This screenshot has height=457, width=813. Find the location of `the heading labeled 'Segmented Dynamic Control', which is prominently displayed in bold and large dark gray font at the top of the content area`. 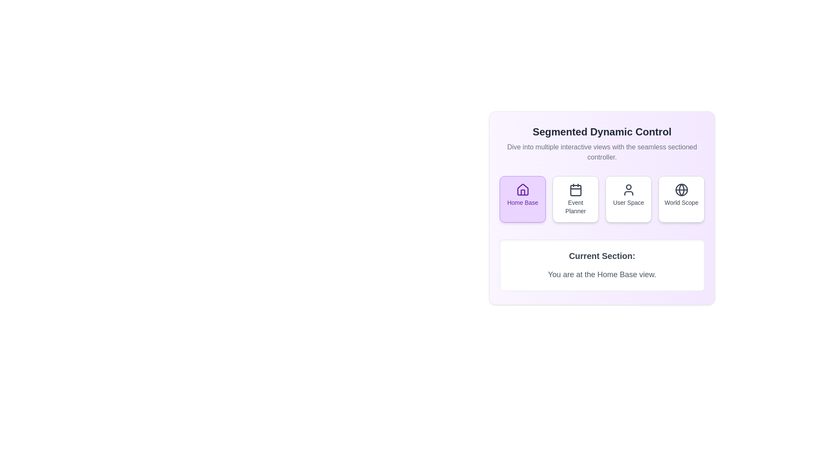

the heading labeled 'Segmented Dynamic Control', which is prominently displayed in bold and large dark gray font at the top of the content area is located at coordinates (601, 132).